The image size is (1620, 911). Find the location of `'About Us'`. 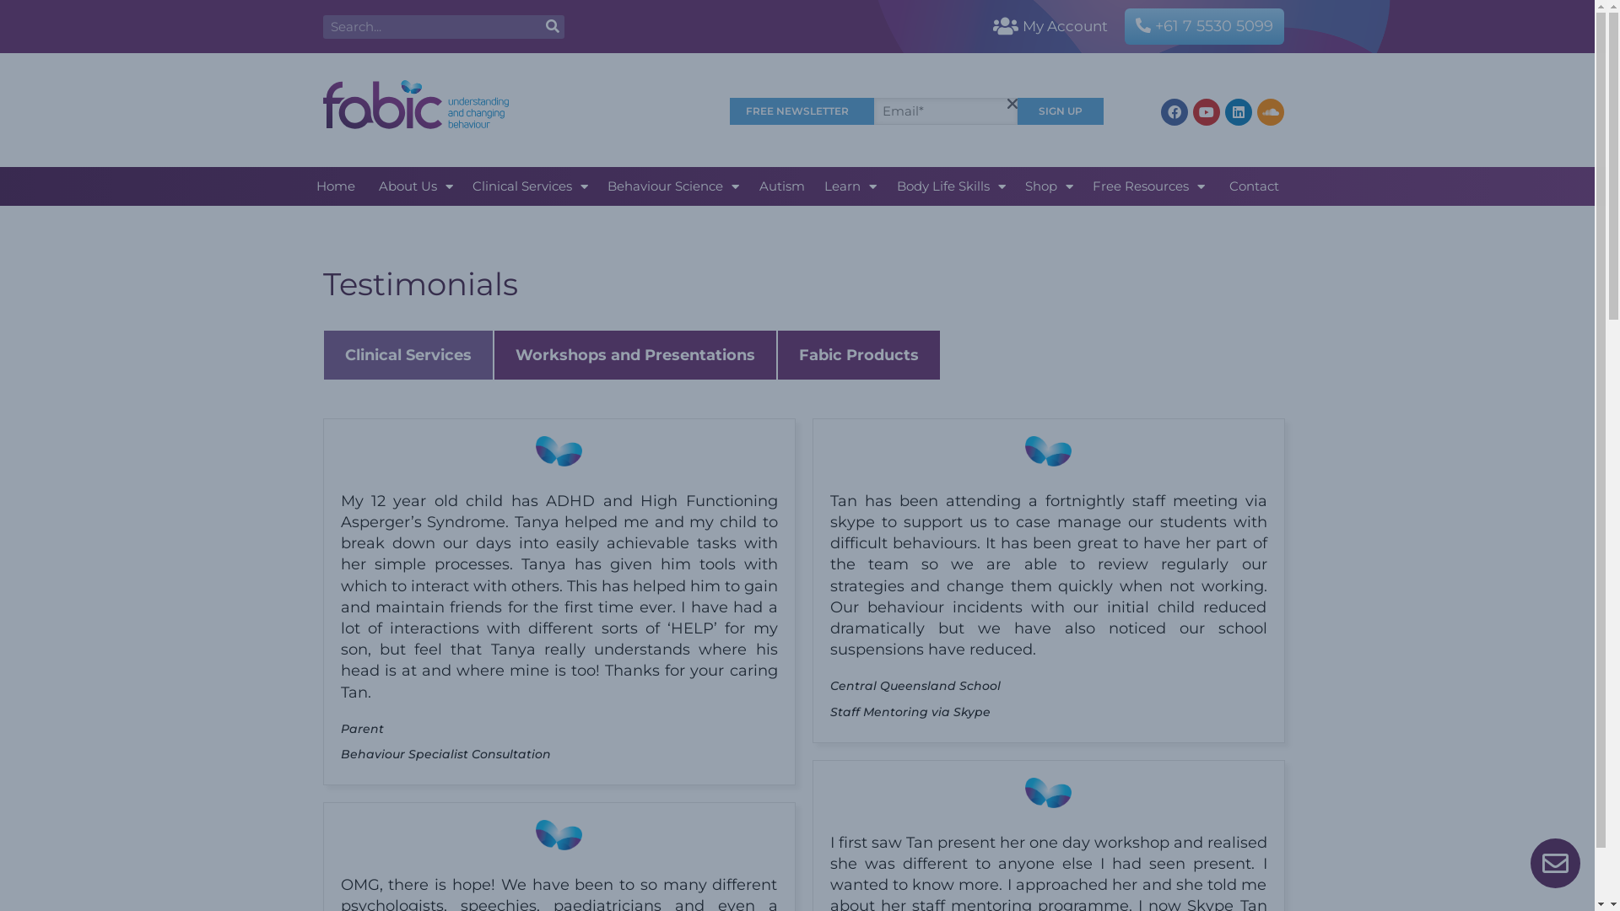

'About Us' is located at coordinates (415, 186).